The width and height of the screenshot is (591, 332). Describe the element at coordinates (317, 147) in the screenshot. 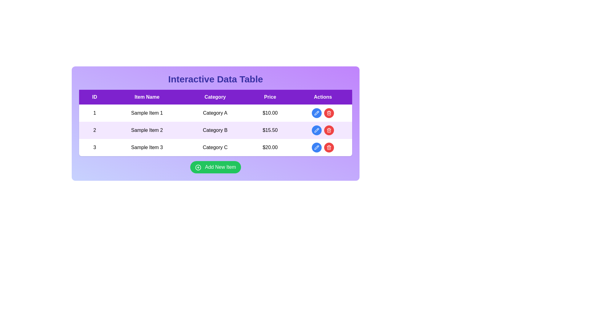

I see `the edit icon button located in the 'Actions' column of the table's second row to observe any interactive changes` at that location.